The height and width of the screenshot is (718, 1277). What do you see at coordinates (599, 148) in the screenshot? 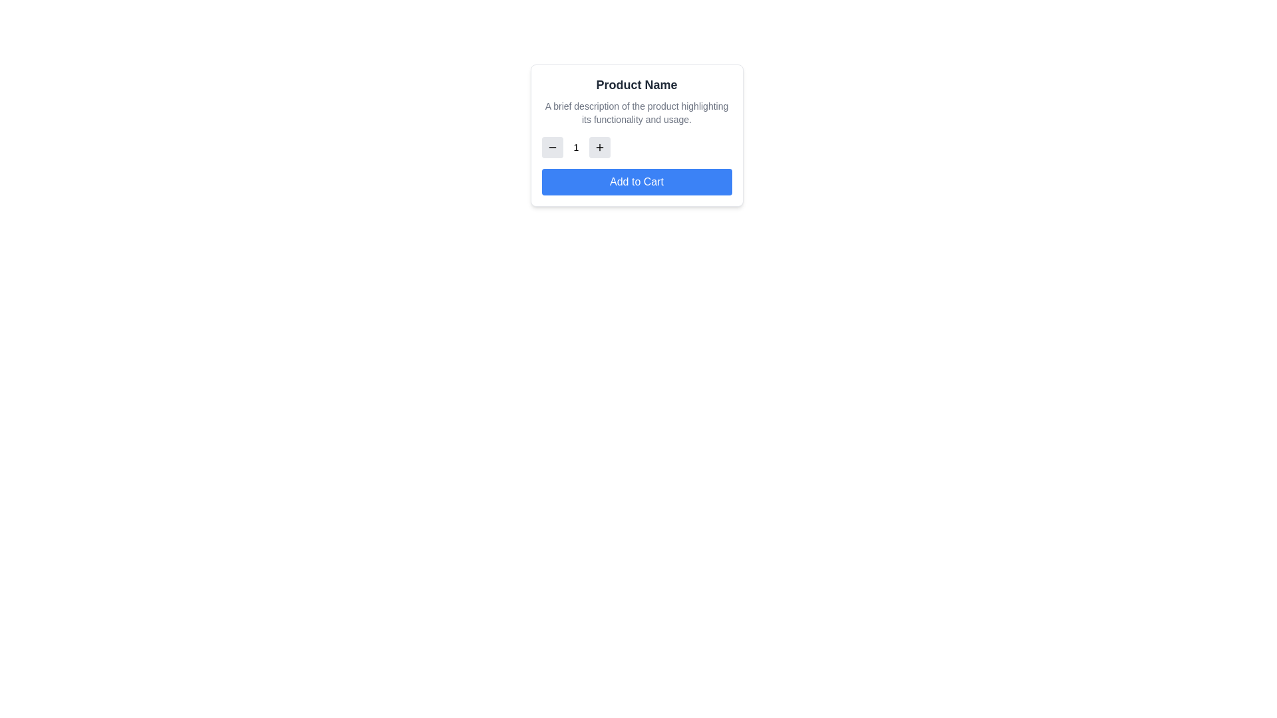
I see `the increase quantity button located to the right of the quantity number in the product selection interface` at bounding box center [599, 148].